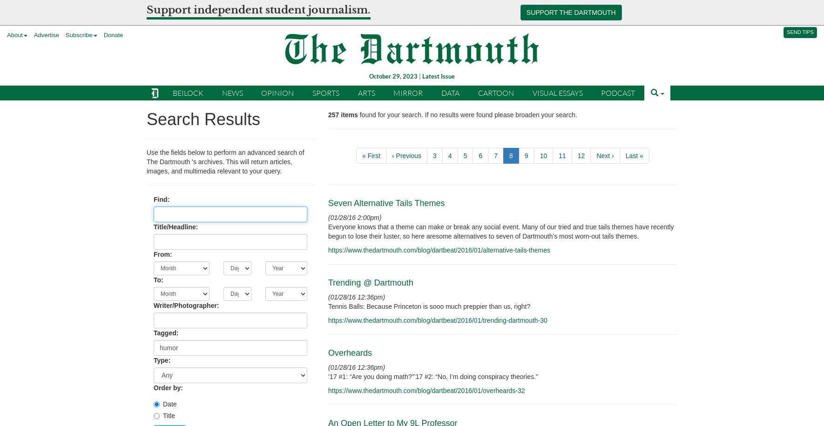 This screenshot has width=824, height=426. Describe the element at coordinates (79, 34) in the screenshot. I see `'Subscribe'` at that location.